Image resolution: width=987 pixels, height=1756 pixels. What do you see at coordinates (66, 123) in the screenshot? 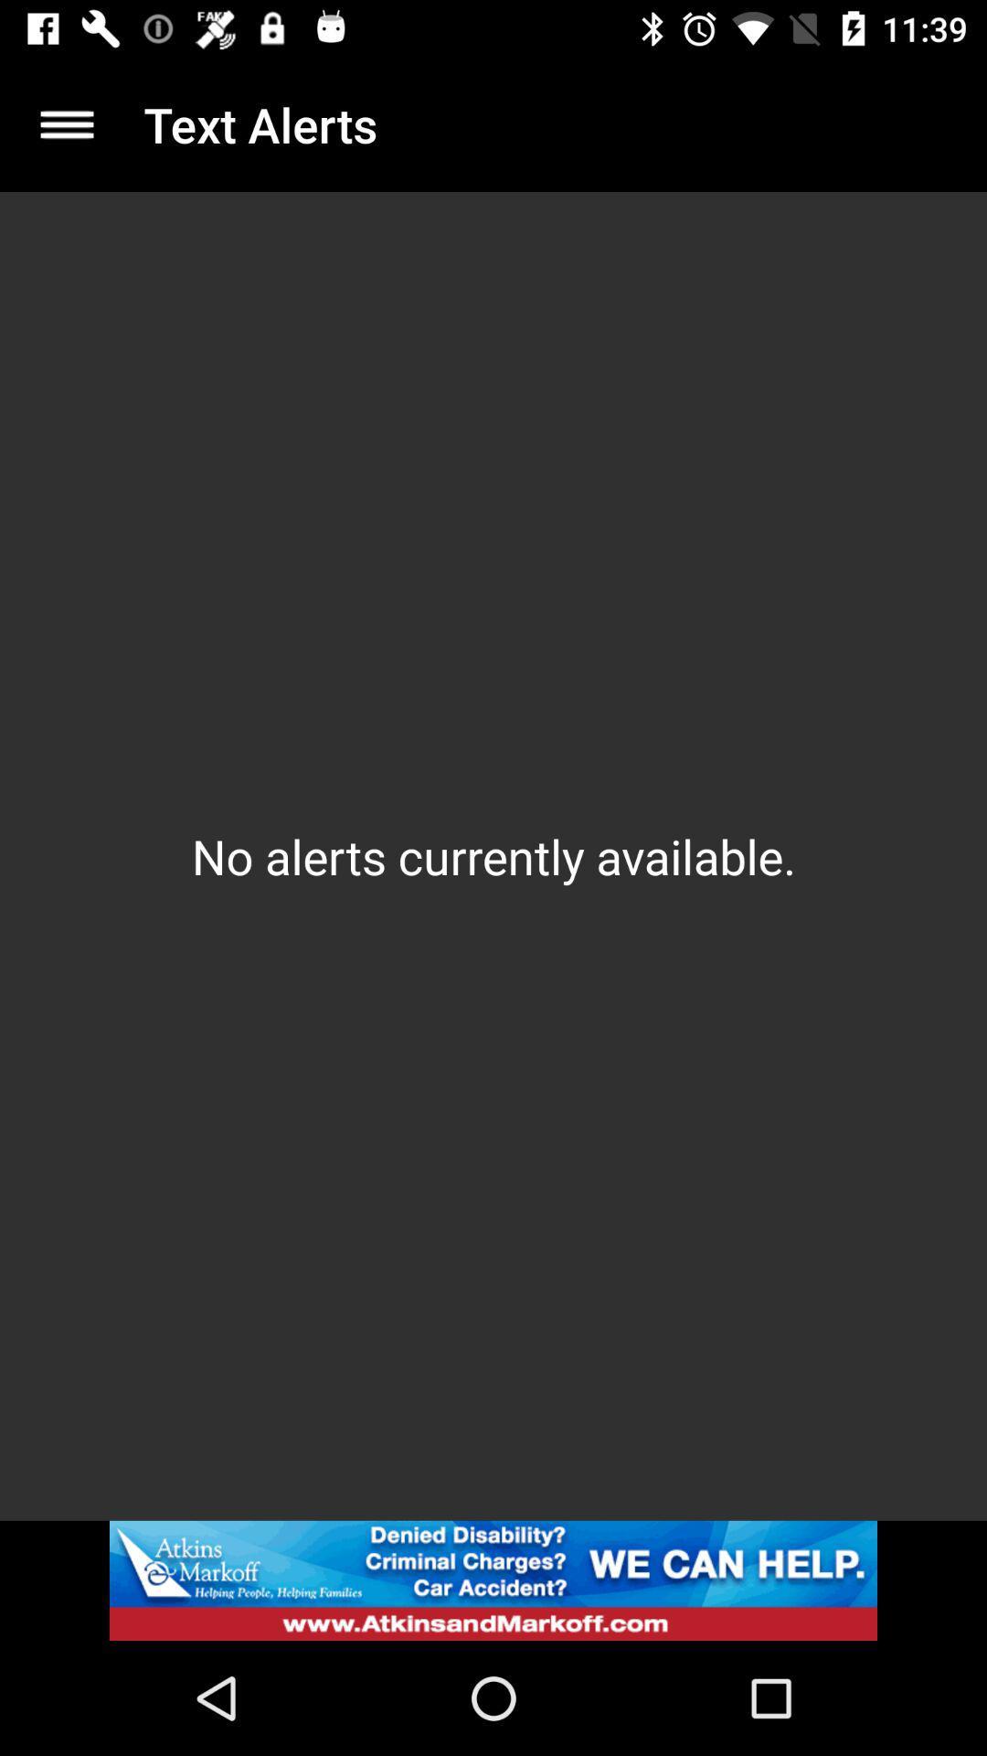
I see `main menu` at bounding box center [66, 123].